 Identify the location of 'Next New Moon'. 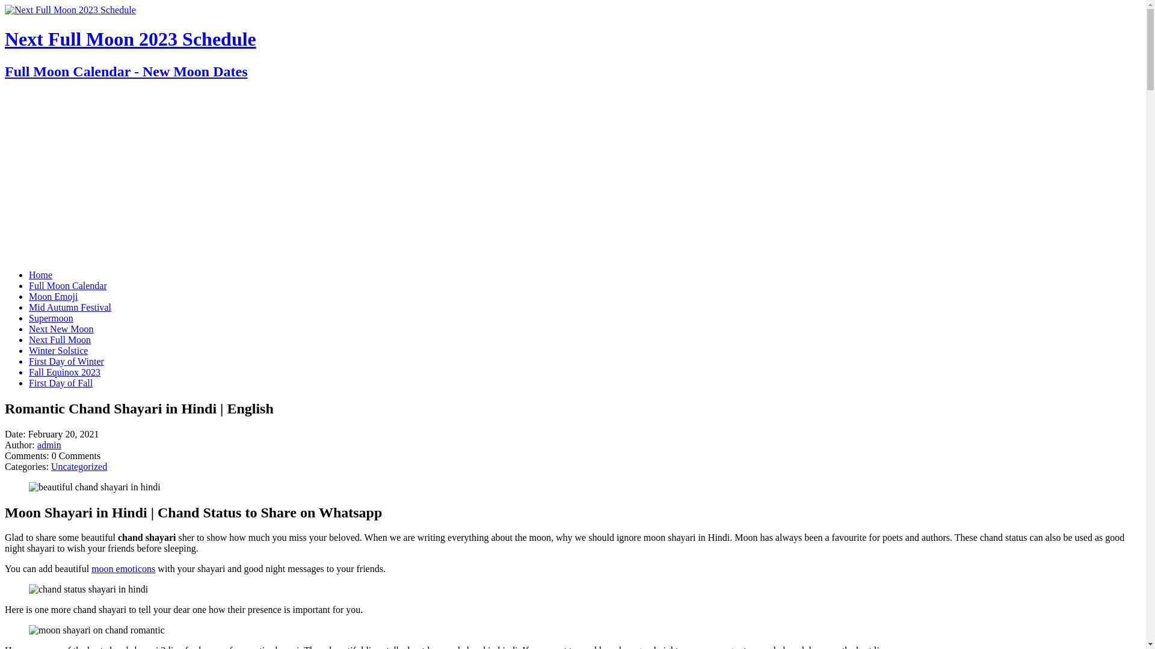
(60, 329).